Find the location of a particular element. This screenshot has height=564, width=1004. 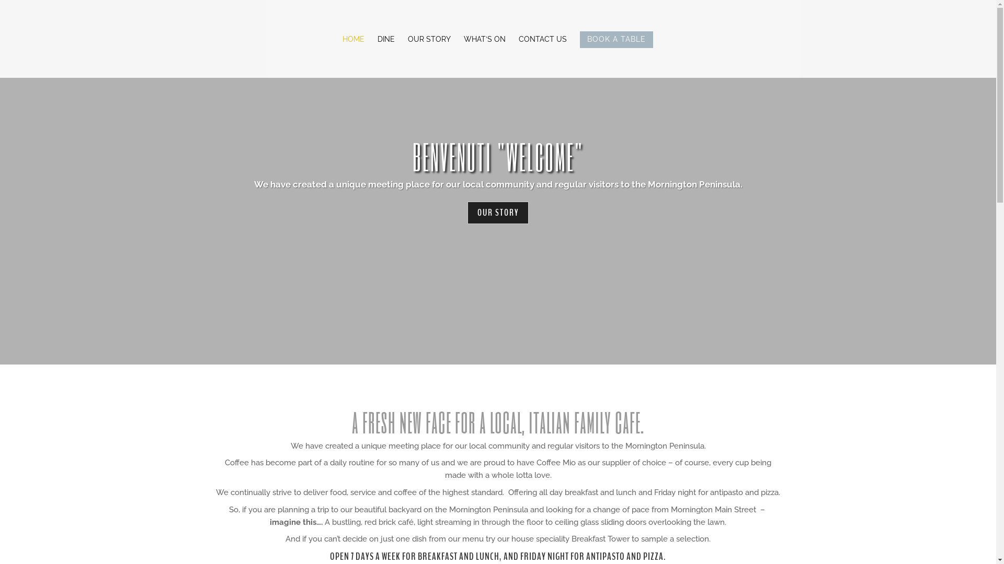

'BOOK A TABLE' is located at coordinates (615, 54).